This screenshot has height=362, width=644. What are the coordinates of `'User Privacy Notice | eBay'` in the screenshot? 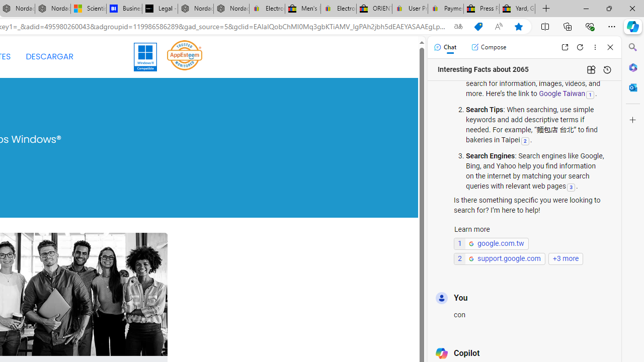 It's located at (410, 9).